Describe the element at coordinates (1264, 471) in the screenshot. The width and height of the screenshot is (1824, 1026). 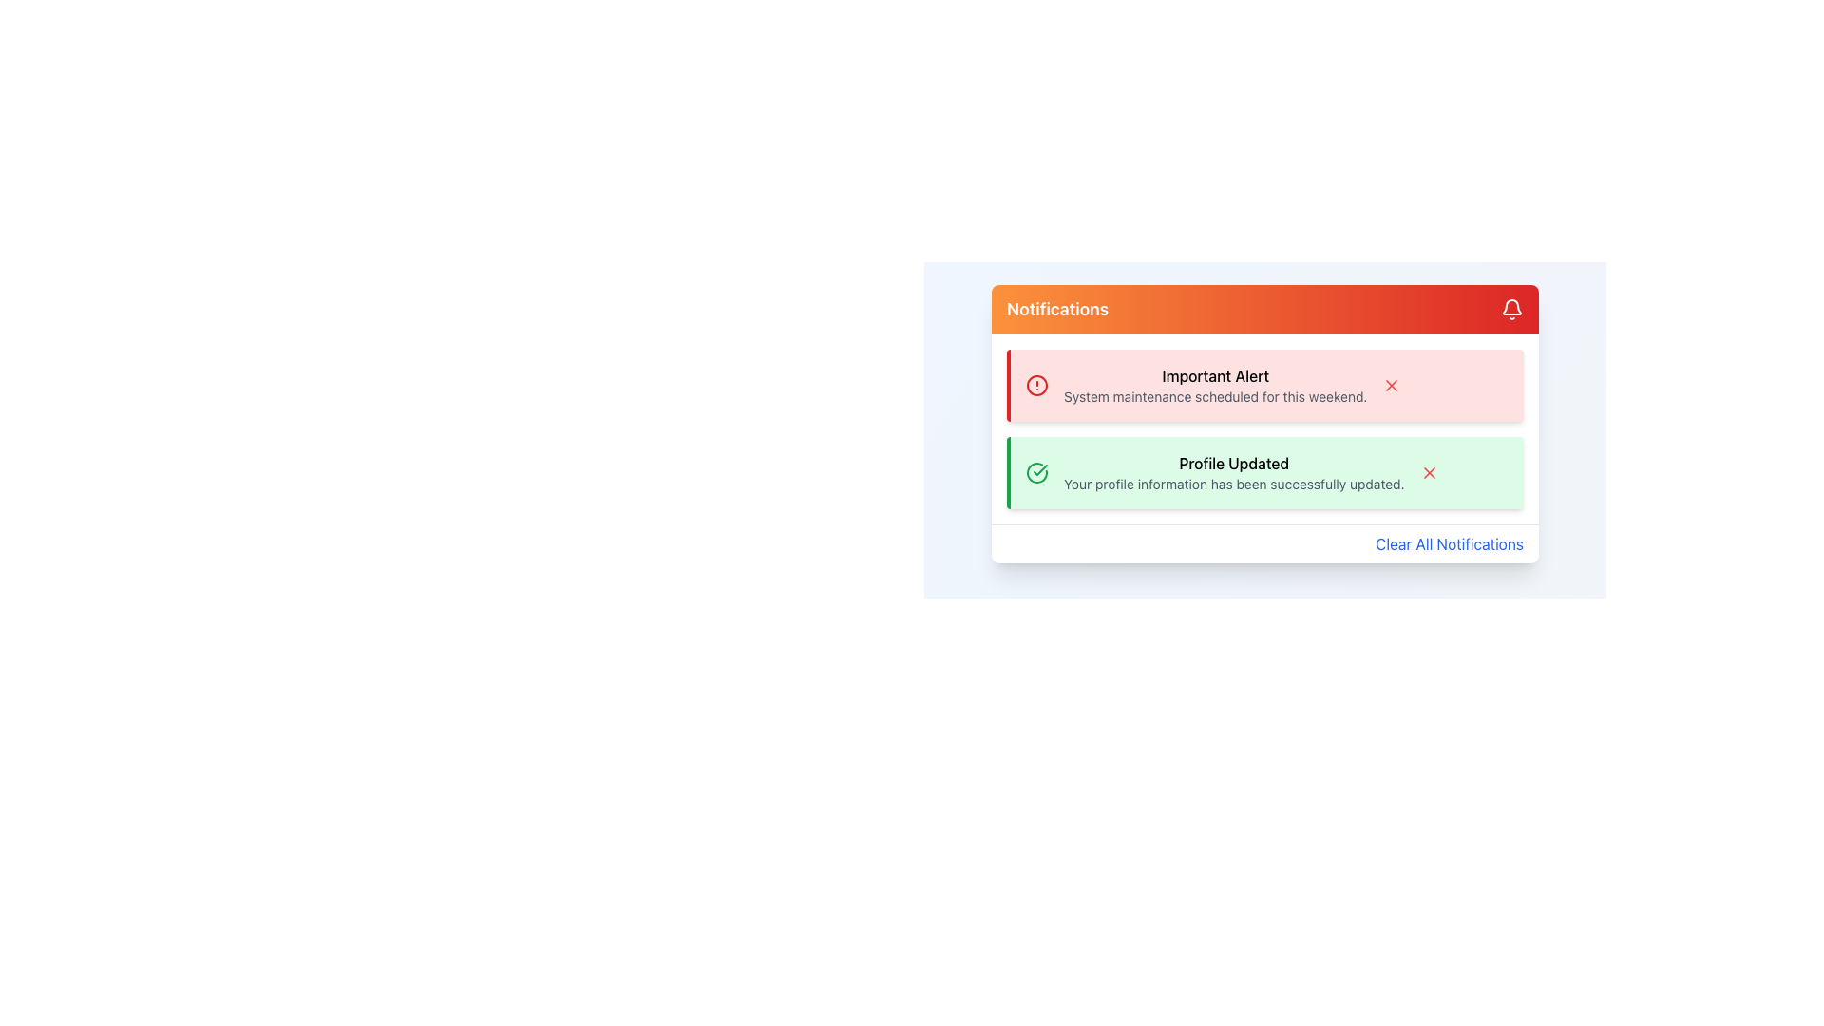
I see `notification displayed in the second entry of the Notifications section, which informs the user that their profile has been successfully updated` at that location.